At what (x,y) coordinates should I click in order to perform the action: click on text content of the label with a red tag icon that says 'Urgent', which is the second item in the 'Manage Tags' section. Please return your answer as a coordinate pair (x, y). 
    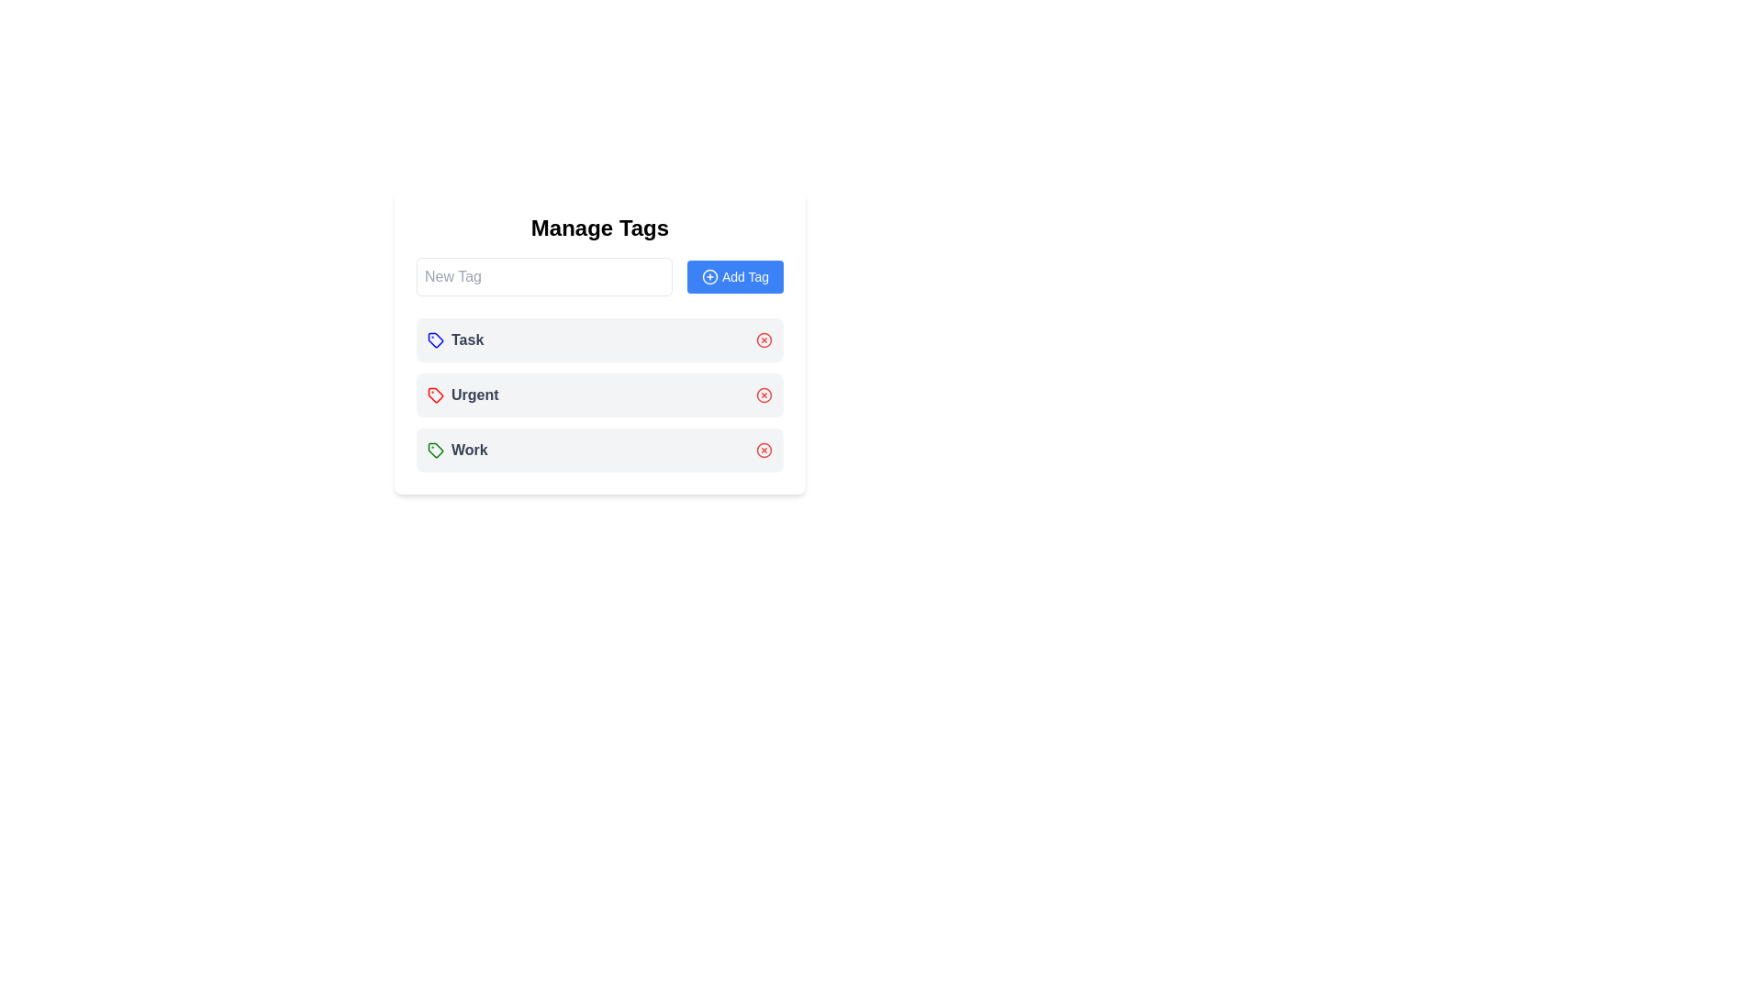
    Looking at the image, I should click on (463, 395).